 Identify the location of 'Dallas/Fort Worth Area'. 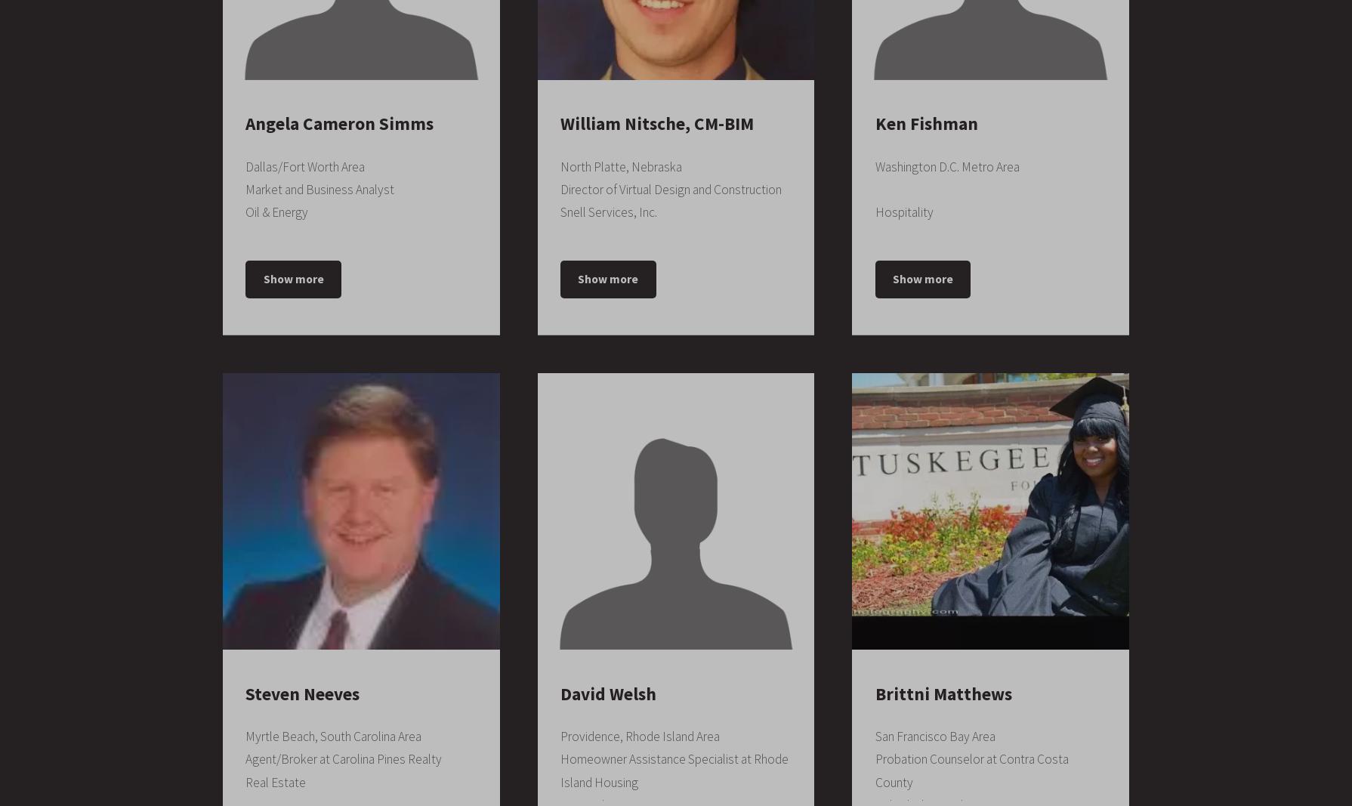
(305, 166).